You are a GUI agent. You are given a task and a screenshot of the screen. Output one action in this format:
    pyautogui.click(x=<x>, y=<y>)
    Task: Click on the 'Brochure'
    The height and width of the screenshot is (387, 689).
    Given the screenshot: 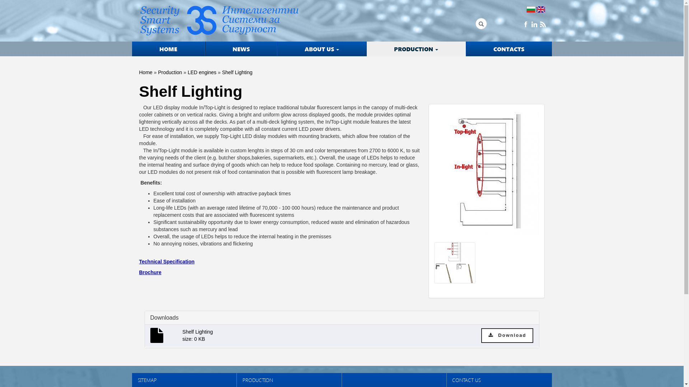 What is the action you would take?
    pyautogui.click(x=150, y=272)
    